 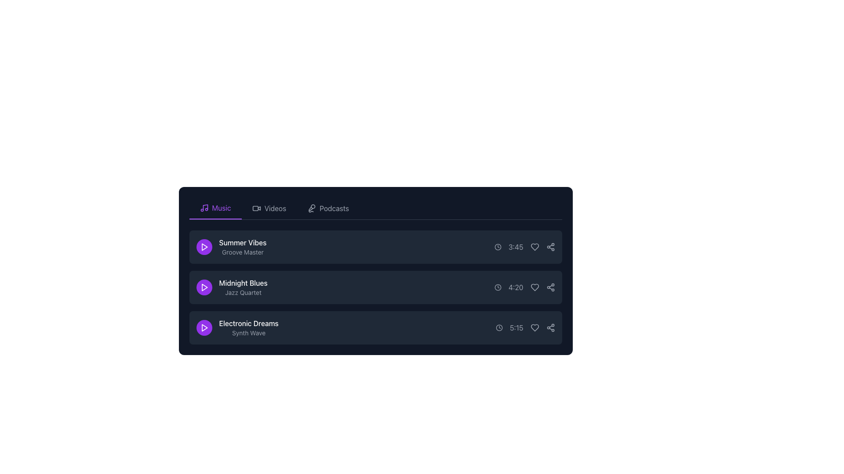 I want to click on the share button located on the far-right side of the last item in a vertical list, so click(x=550, y=328).